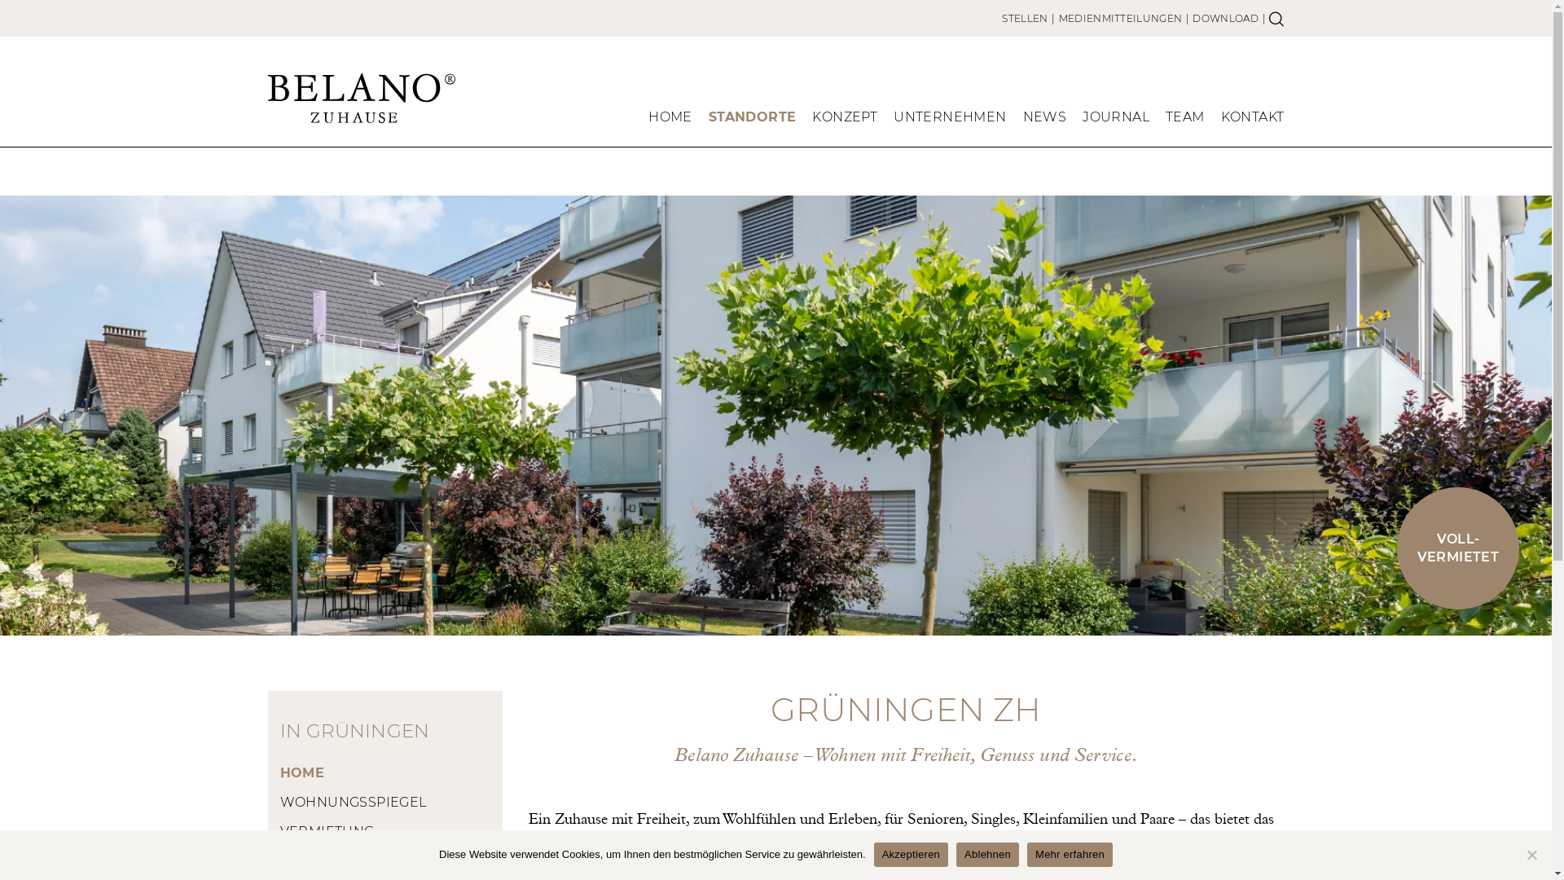 Image resolution: width=1564 pixels, height=880 pixels. Describe the element at coordinates (1224, 18) in the screenshot. I see `'DOWNLOAD'` at that location.